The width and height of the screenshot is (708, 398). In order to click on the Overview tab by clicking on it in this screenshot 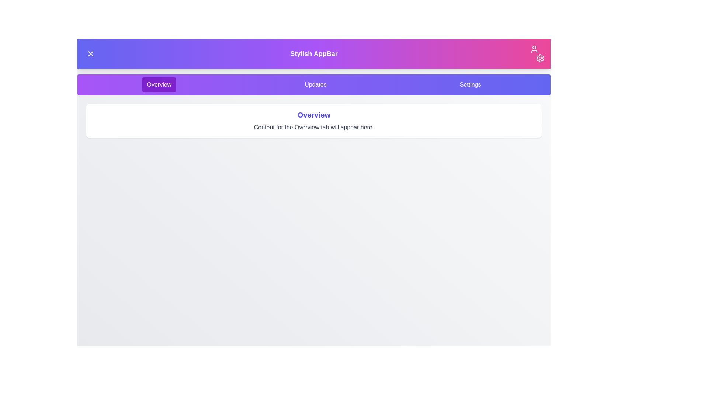, I will do `click(159, 84)`.